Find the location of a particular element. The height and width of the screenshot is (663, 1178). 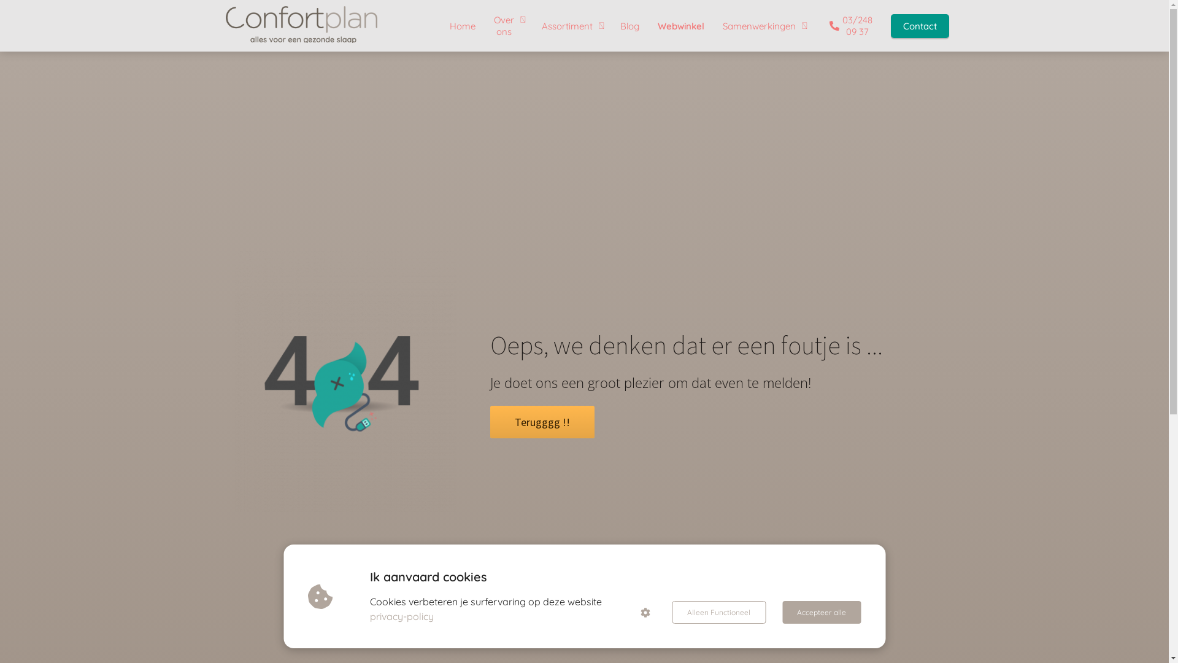

'Terugggg !!' is located at coordinates (541, 423).